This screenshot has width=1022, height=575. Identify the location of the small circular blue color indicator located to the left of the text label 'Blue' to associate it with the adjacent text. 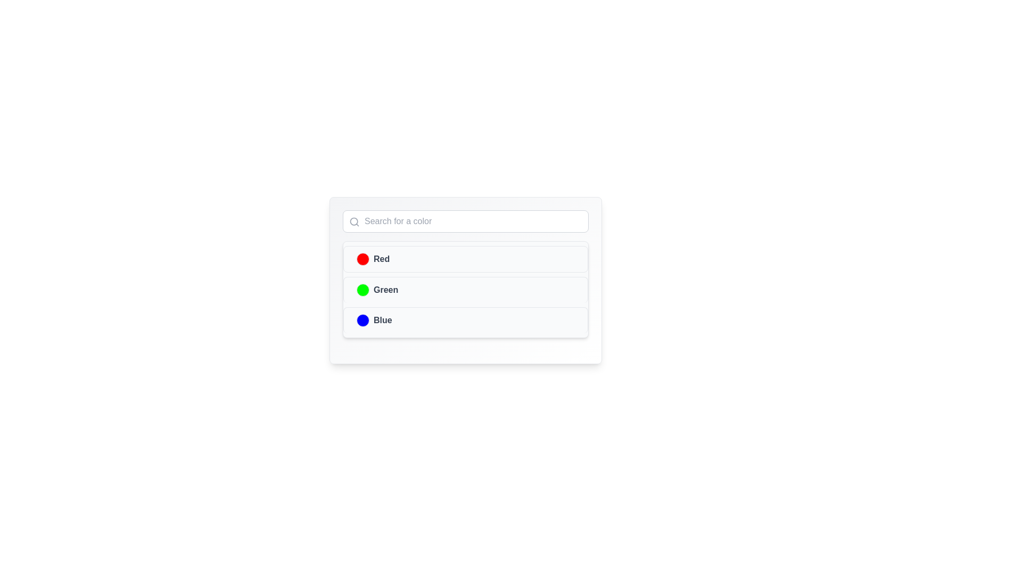
(362, 319).